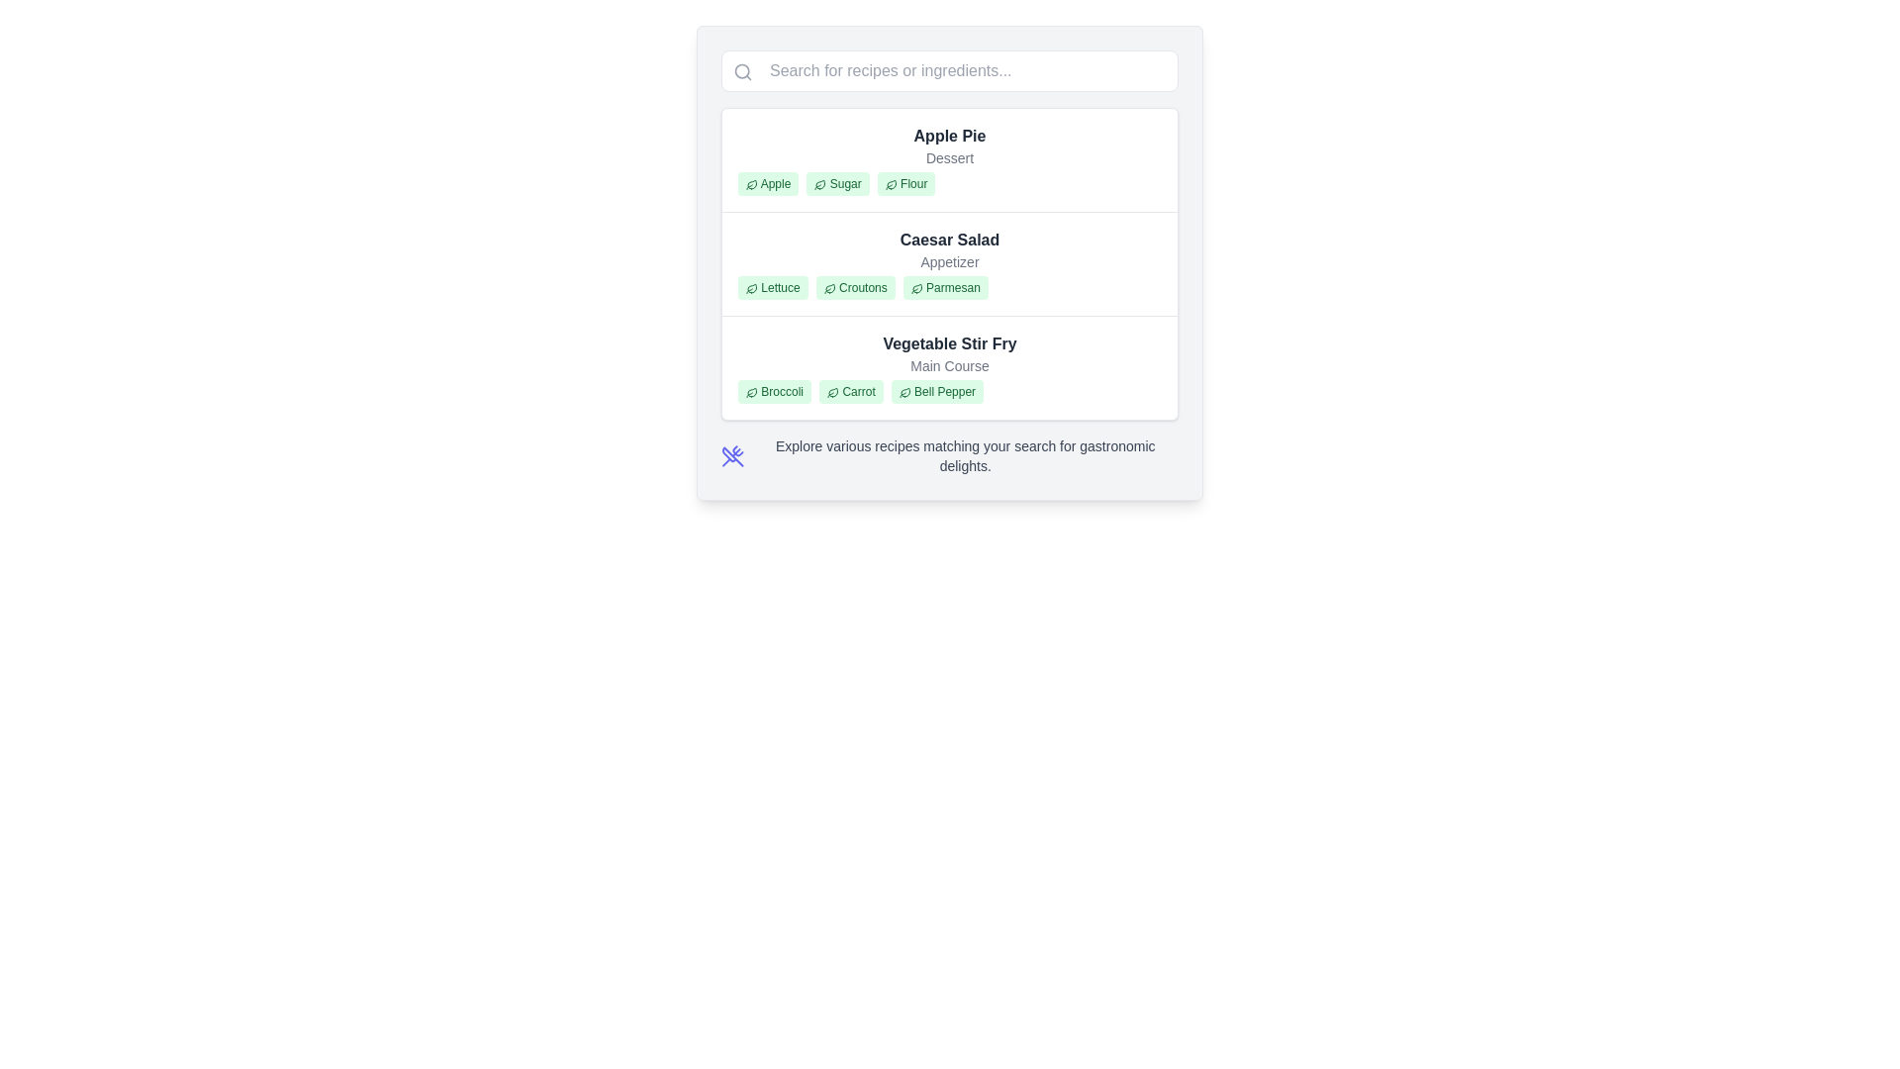 The image size is (1900, 1069). What do you see at coordinates (820, 184) in the screenshot?
I see `the green leaf icon next to the text 'Sugar' in the 'Apple Pie' recipe ingredients list` at bounding box center [820, 184].